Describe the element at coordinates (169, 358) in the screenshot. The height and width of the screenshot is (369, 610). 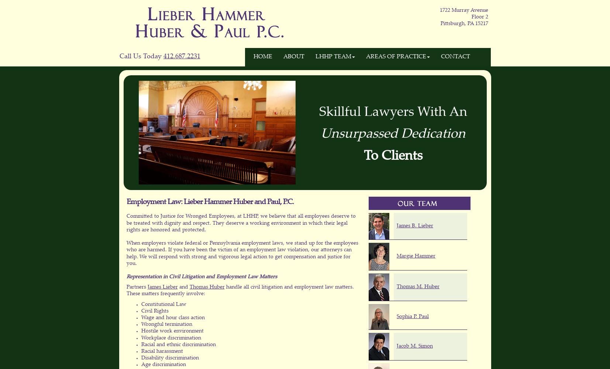
I see `'Disability discrimination'` at that location.